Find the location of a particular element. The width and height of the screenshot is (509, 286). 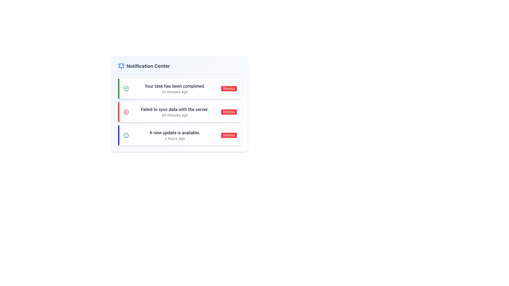

the text label that serves as the header for the notification section, located to the immediate right of the bell icon in the top-left section of the notification panel is located at coordinates (148, 66).